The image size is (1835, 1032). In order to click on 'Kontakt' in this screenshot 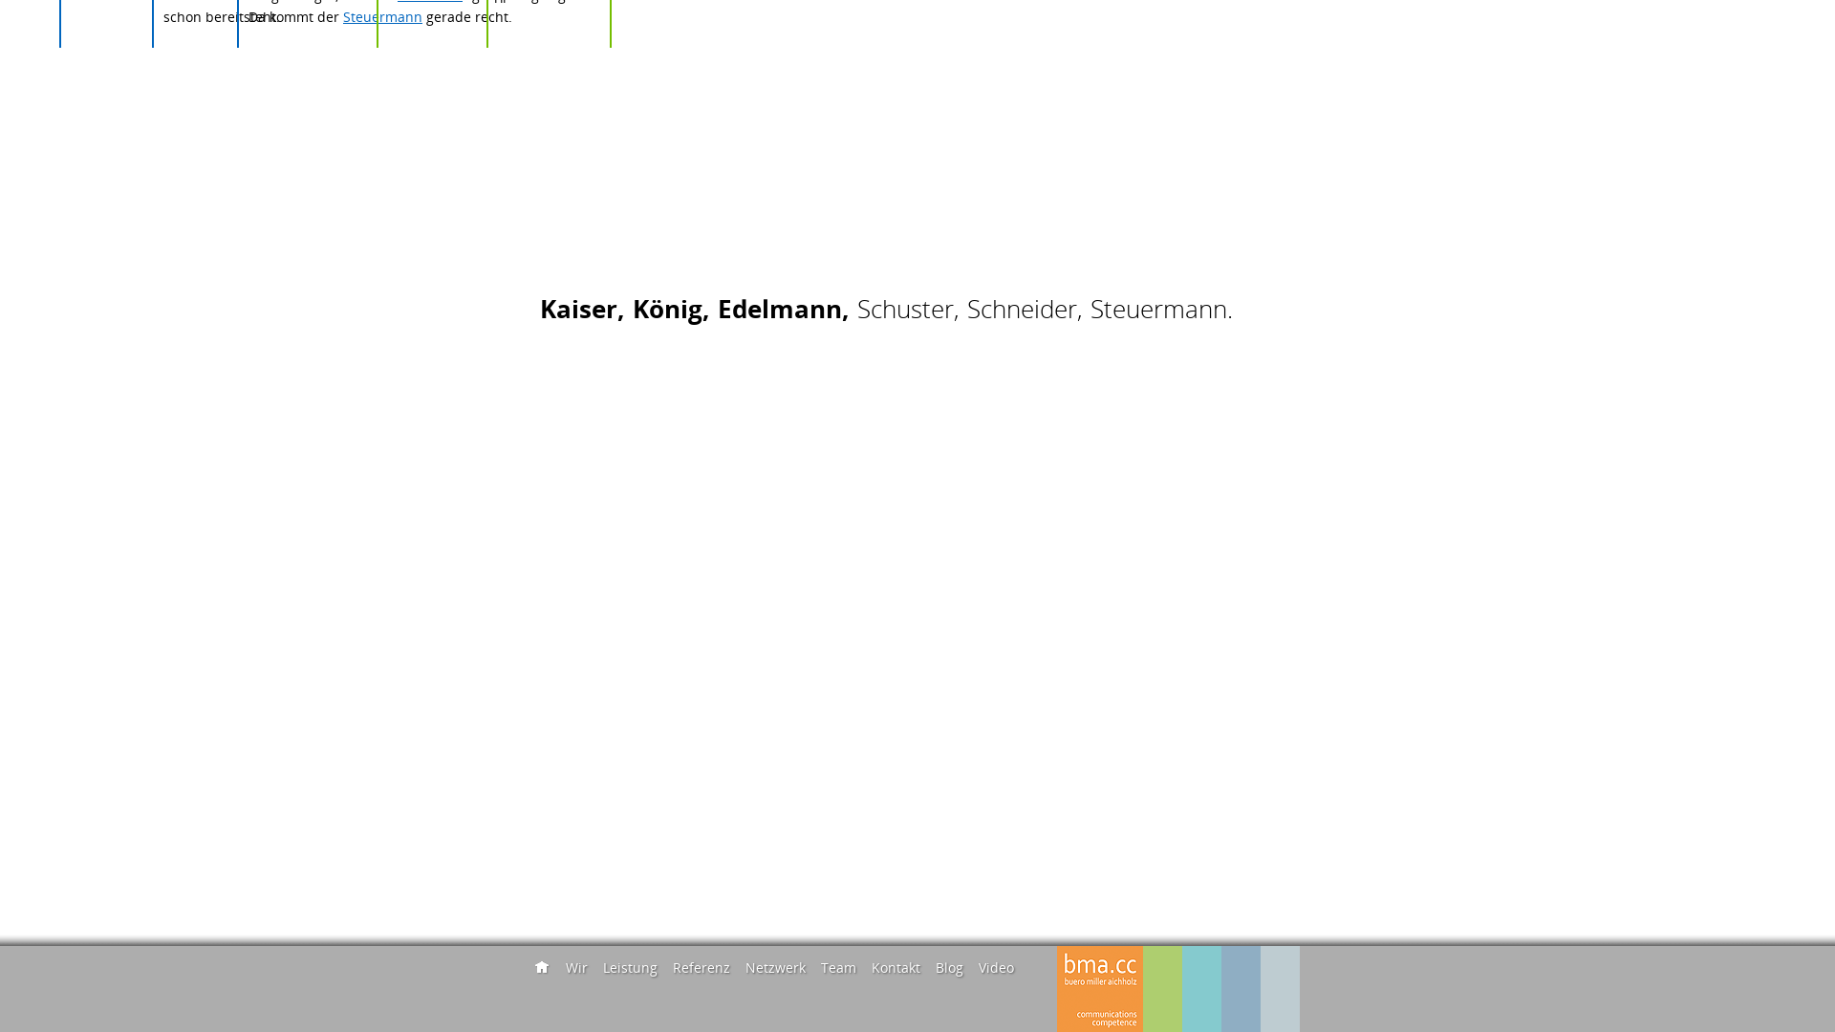, I will do `click(895, 967)`.